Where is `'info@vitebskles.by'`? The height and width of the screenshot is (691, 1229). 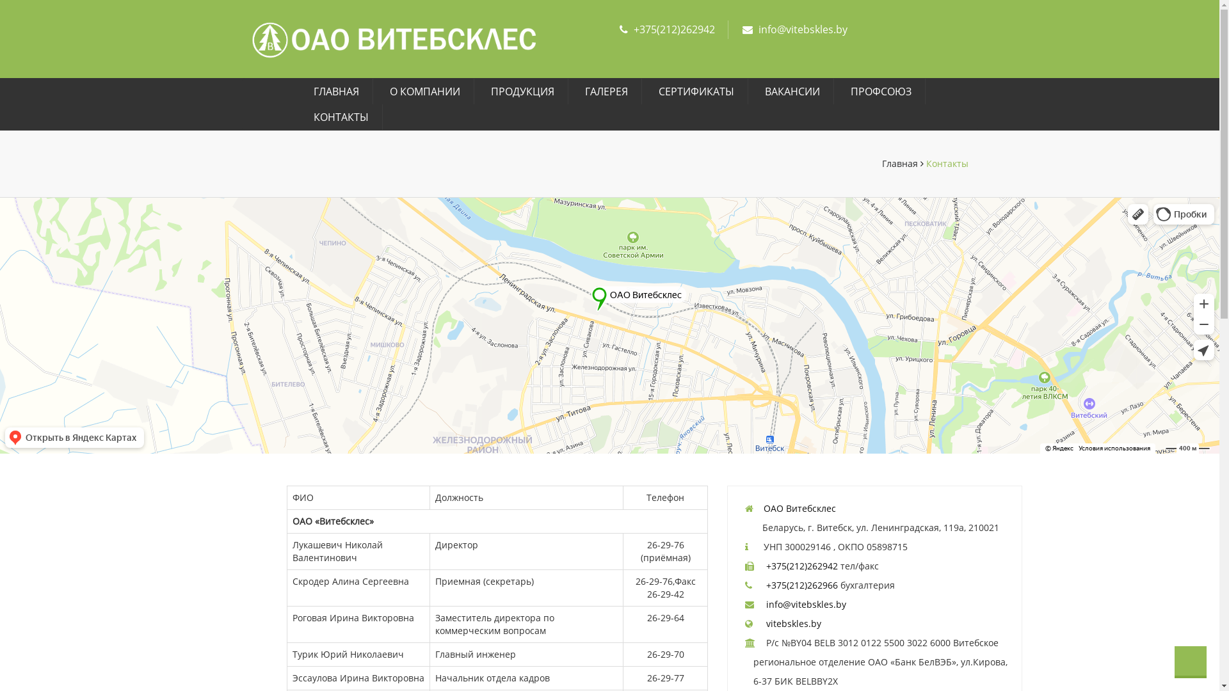 'info@vitebskles.by' is located at coordinates (805, 604).